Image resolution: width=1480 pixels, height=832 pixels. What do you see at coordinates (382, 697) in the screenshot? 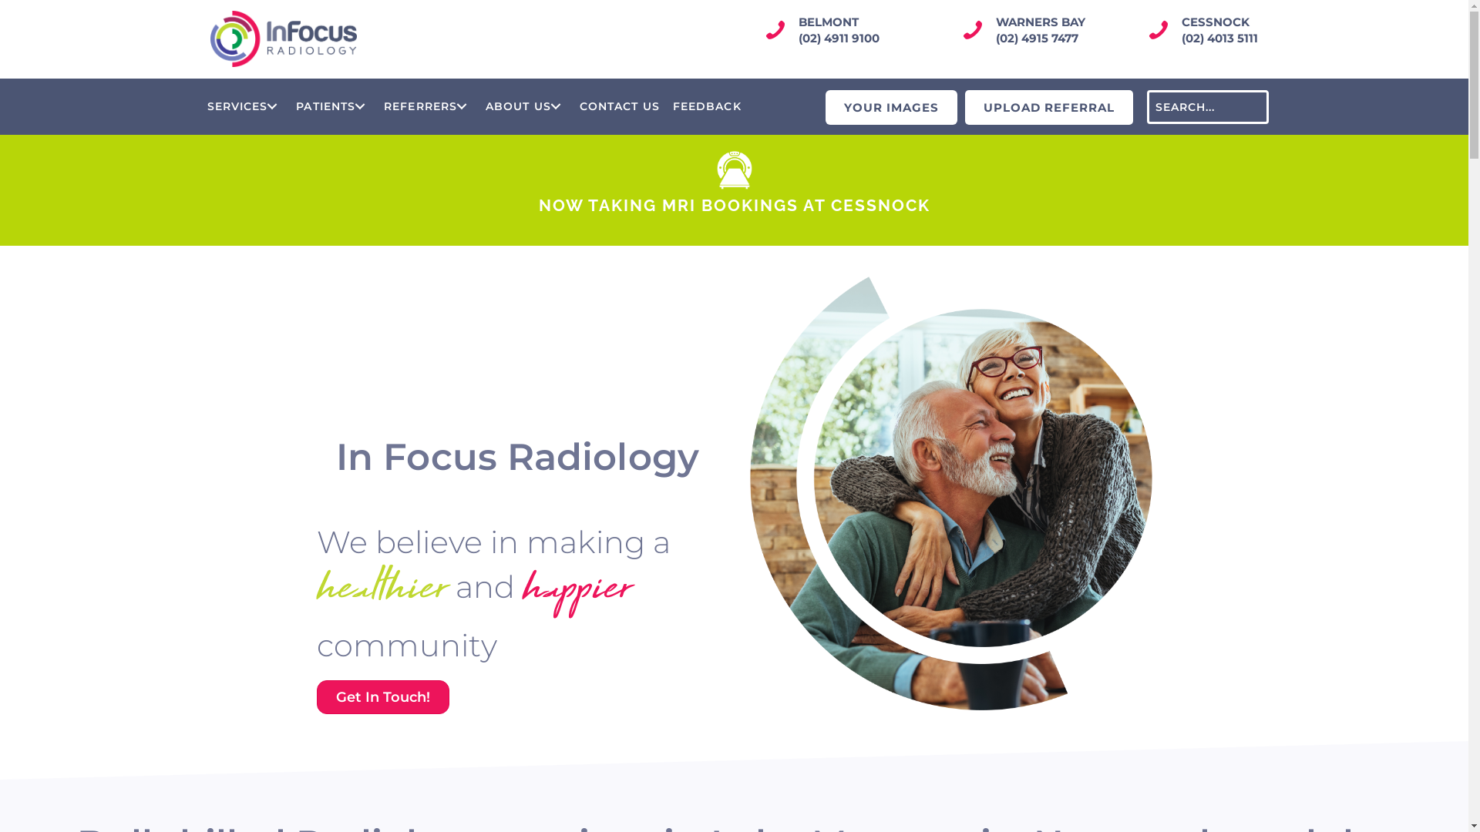
I see `'Get In Touch!'` at bounding box center [382, 697].